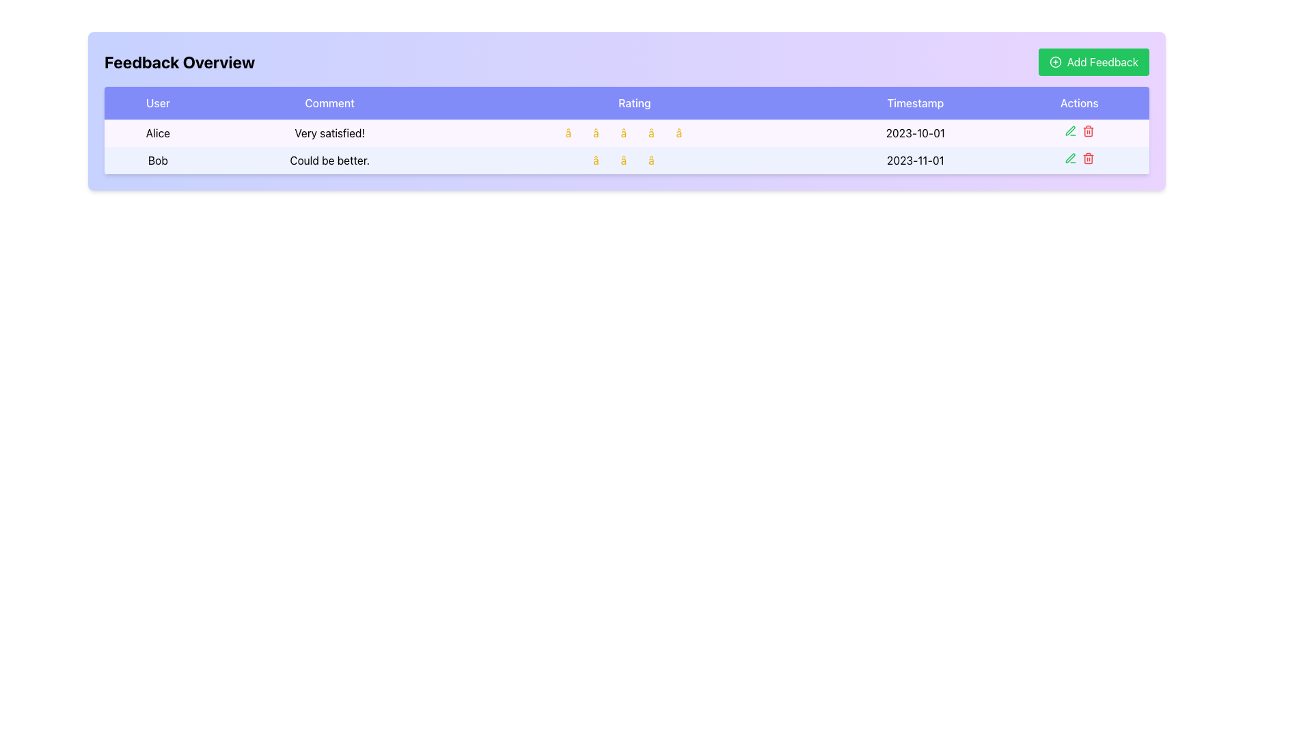 The width and height of the screenshot is (1312, 738). Describe the element at coordinates (633, 102) in the screenshot. I see `the 'Rating' text header, which is a rectangular element with centered white text on a blue background, positioned in a table layout as the third header among five` at that location.